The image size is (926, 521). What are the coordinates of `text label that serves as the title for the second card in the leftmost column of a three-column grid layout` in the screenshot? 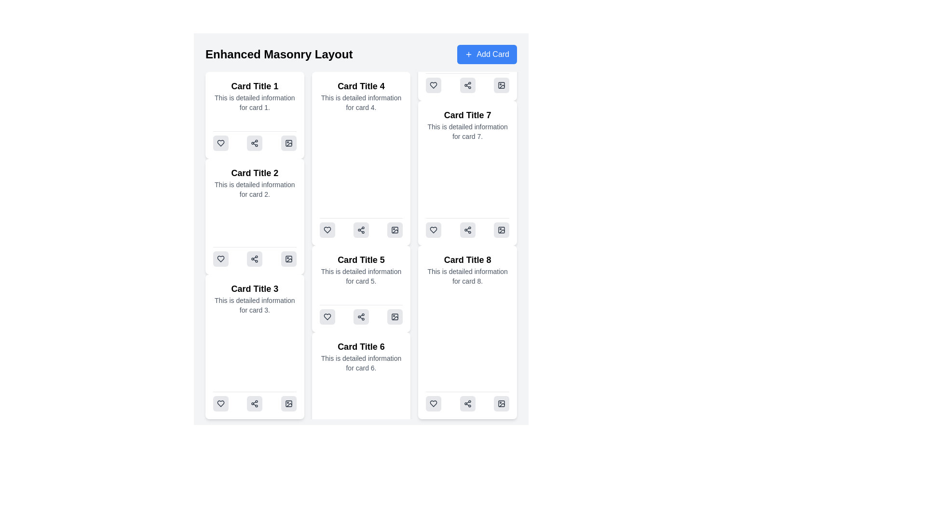 It's located at (255, 172).